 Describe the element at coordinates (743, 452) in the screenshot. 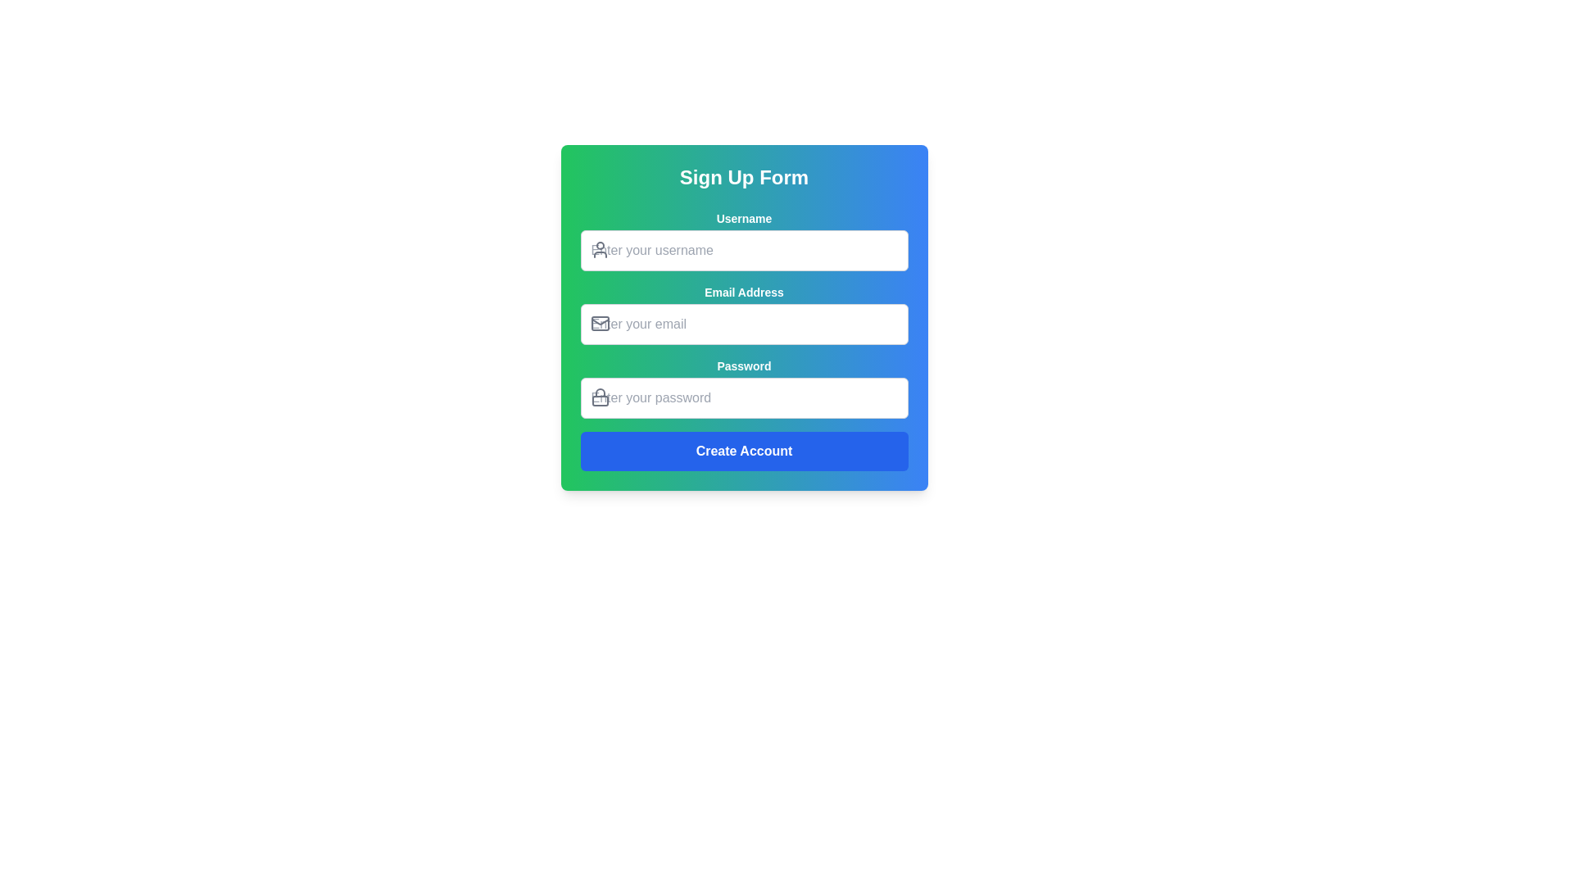

I see `the 'Create Account' button, which has a blue background and white text, located at the bottom of the form panel` at that location.